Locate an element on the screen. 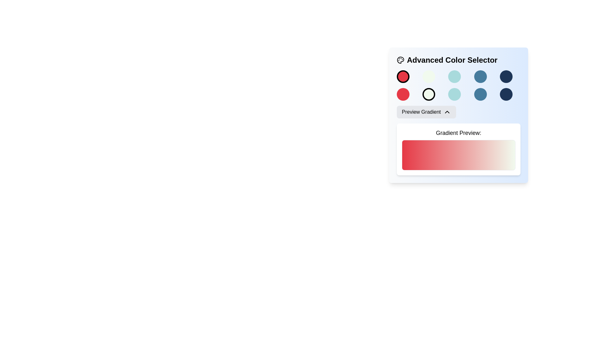 This screenshot has width=609, height=342. the 'Preview Gradient' button, which is a rectangular button with rounded corners, light gray background, and contains the text 'Preview Gradient' and a downwards pointing arrow icon is located at coordinates (426, 112).